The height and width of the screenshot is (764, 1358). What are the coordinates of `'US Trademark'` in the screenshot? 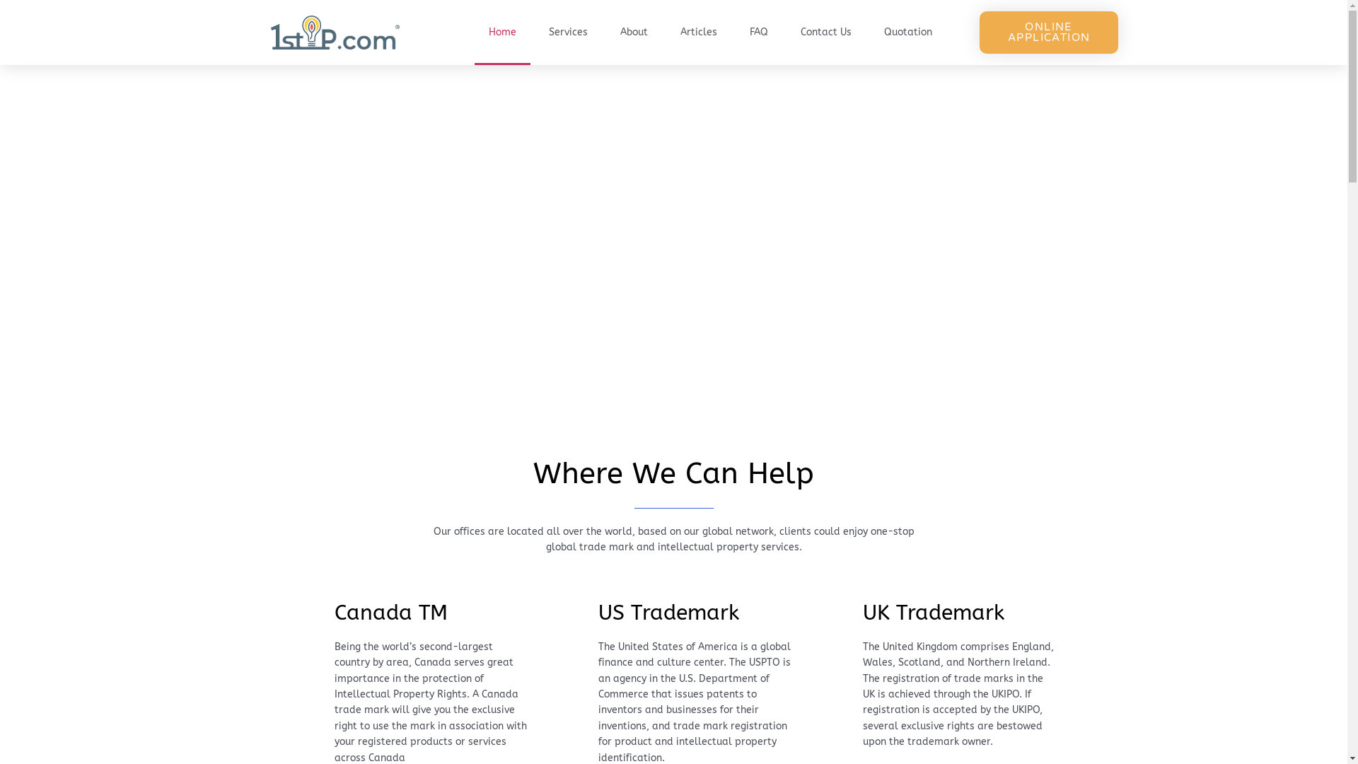 It's located at (668, 612).